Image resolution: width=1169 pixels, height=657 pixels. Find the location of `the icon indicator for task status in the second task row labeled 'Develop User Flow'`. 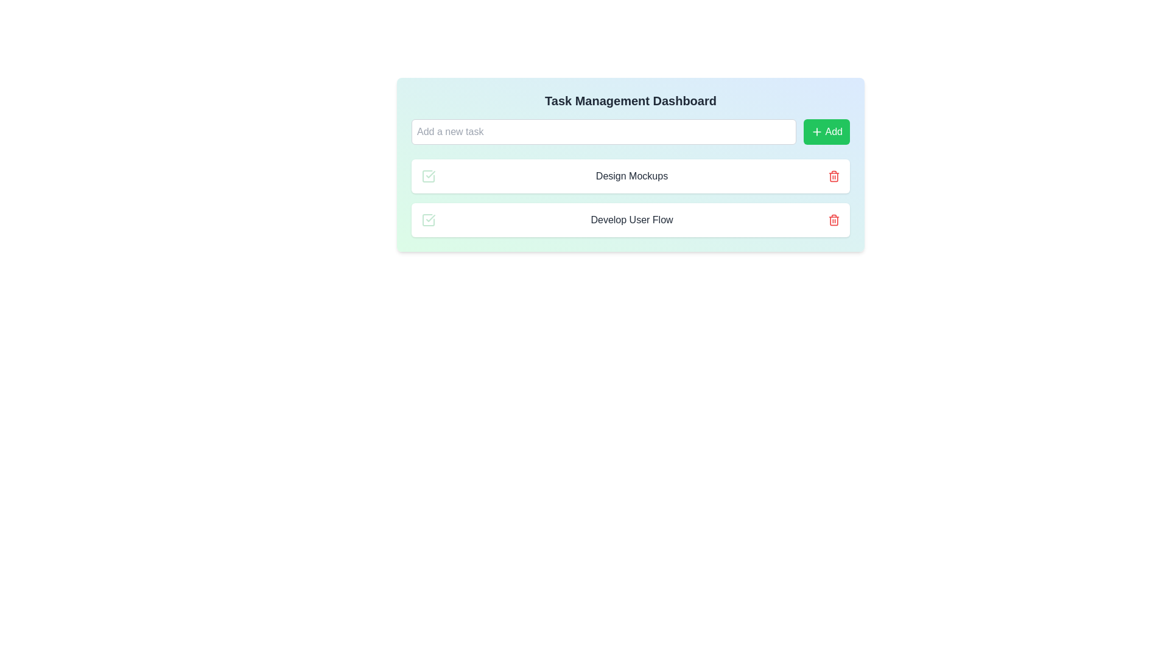

the icon indicator for task status in the second task row labeled 'Develop User Flow' is located at coordinates (430, 217).